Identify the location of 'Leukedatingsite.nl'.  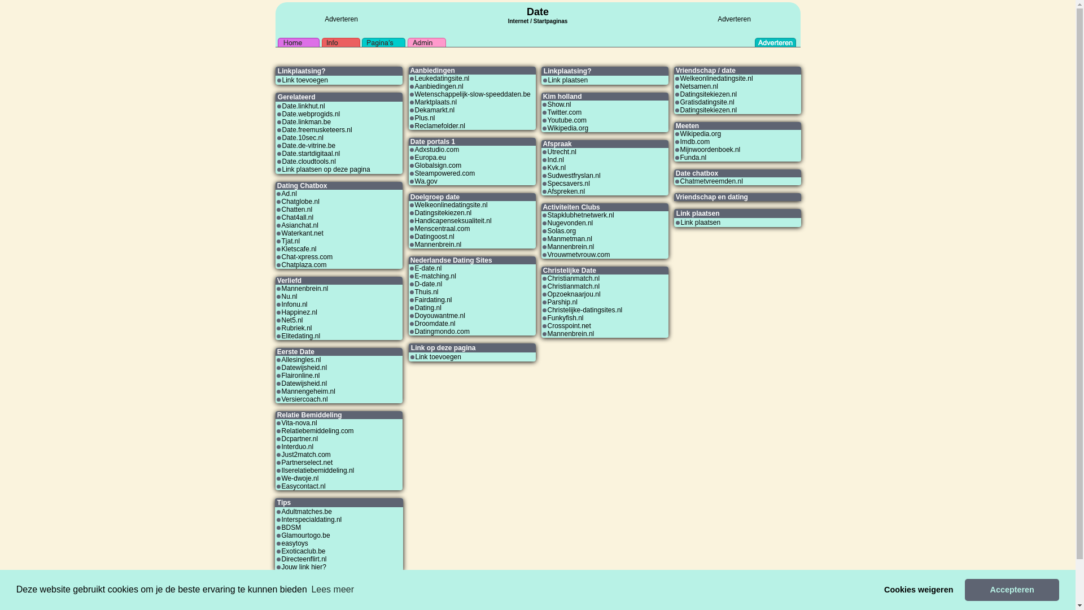
(414, 77).